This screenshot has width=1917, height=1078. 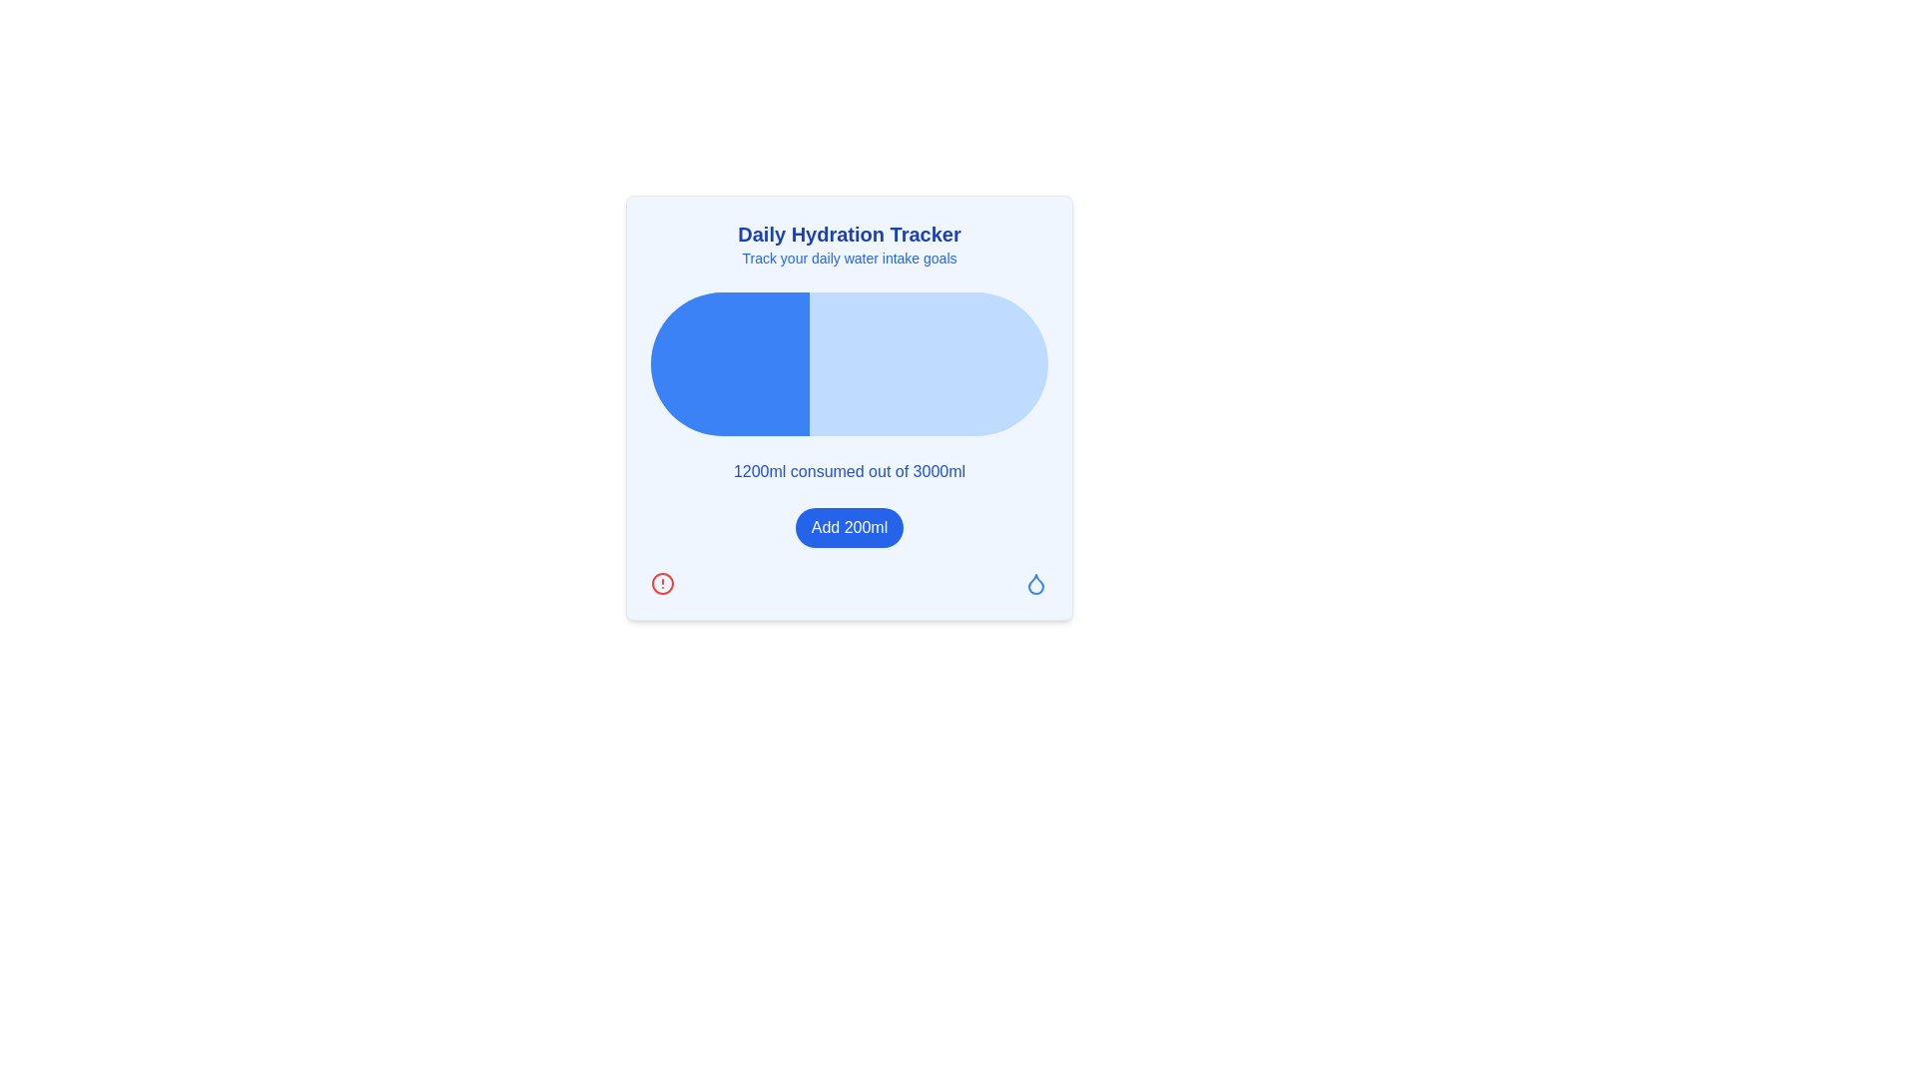 I want to click on the text display indicating '1200ml consumed out of 3000ml' in blue text, located centrally below the blue progress bar in the hydration tracking interface, so click(x=849, y=472).